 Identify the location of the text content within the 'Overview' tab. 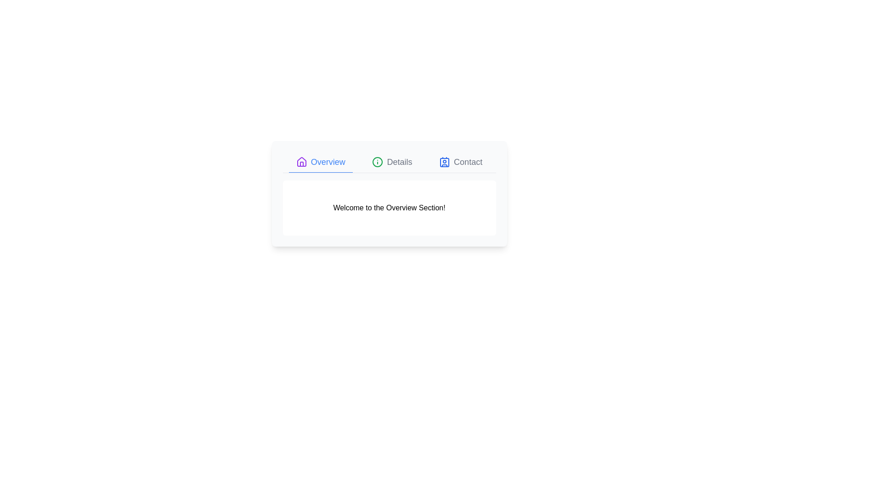
(389, 208).